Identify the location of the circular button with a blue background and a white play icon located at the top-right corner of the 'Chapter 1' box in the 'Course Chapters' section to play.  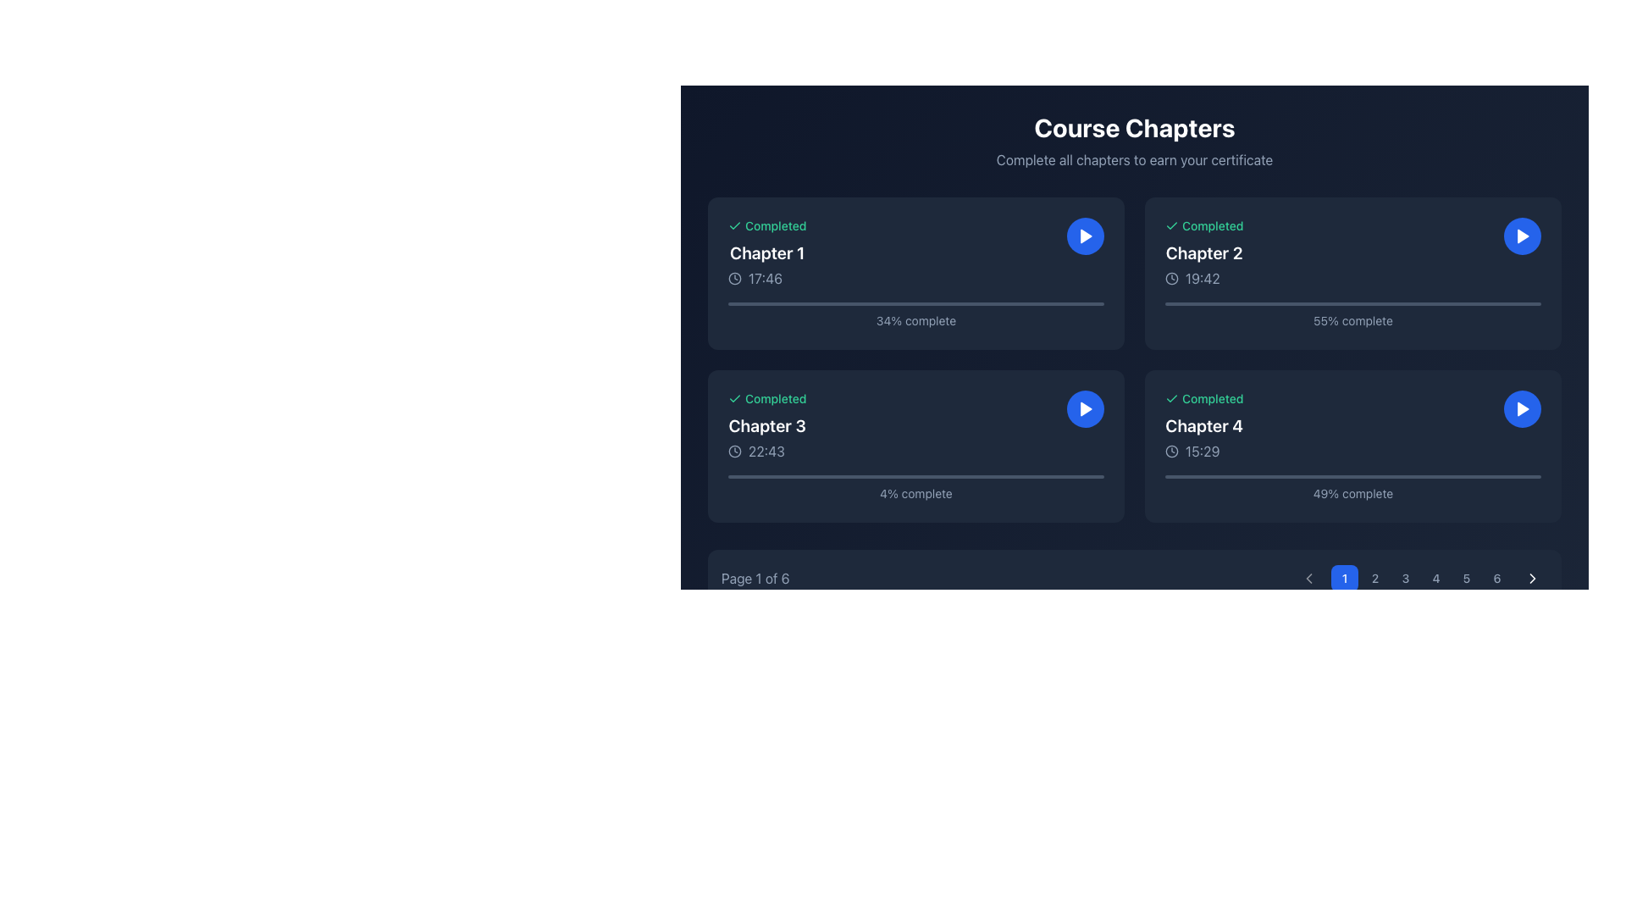
(1085, 236).